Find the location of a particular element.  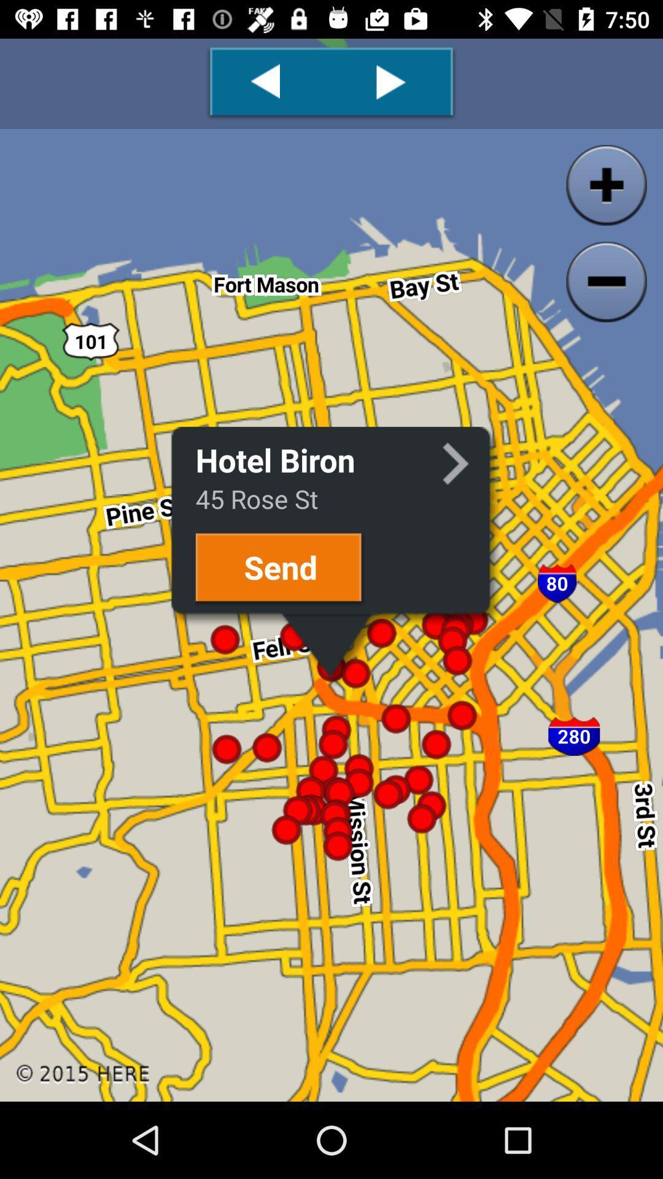

the add icon is located at coordinates (601, 161).